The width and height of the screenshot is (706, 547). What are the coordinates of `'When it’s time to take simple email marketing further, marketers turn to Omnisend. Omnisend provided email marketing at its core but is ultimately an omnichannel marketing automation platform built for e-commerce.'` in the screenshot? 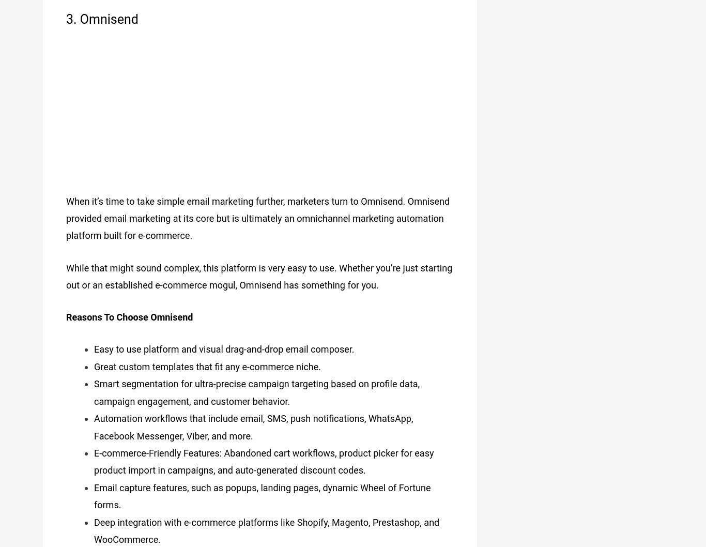 It's located at (257, 214).